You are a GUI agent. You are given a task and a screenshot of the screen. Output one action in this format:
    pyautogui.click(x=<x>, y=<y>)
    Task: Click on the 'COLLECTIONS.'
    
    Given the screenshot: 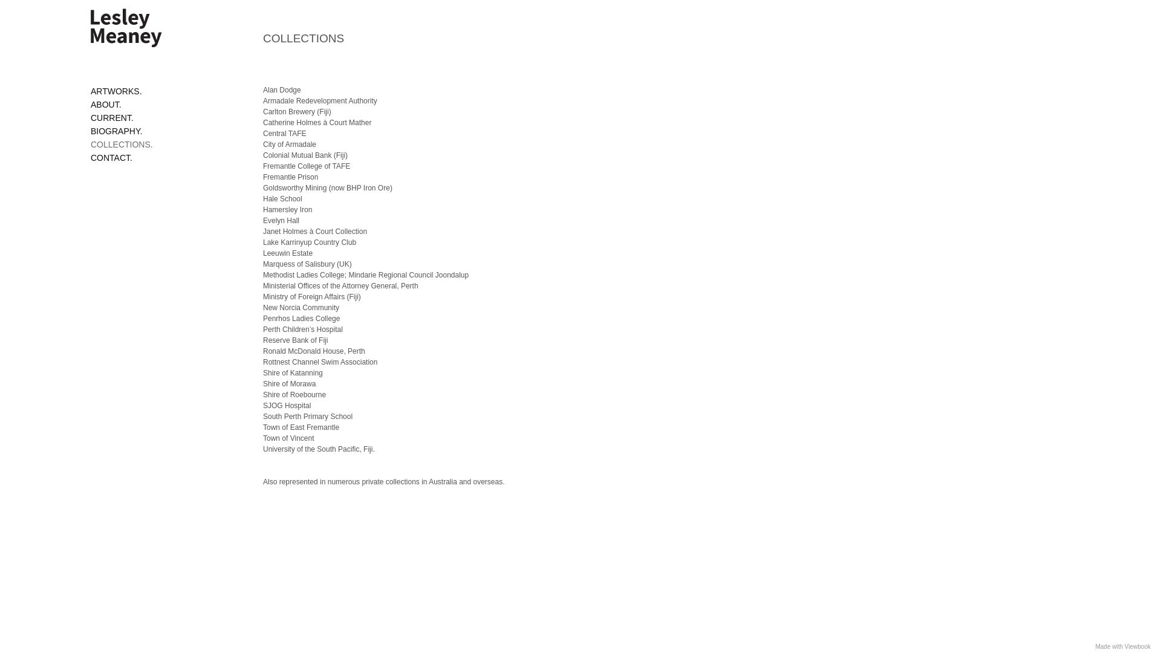 What is the action you would take?
    pyautogui.click(x=122, y=144)
    